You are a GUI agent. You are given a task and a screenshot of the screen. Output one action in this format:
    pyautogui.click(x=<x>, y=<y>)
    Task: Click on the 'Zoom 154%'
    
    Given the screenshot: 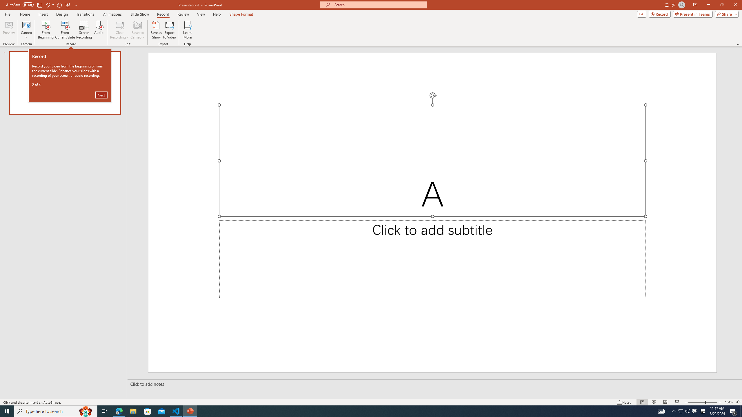 What is the action you would take?
    pyautogui.click(x=729, y=402)
    